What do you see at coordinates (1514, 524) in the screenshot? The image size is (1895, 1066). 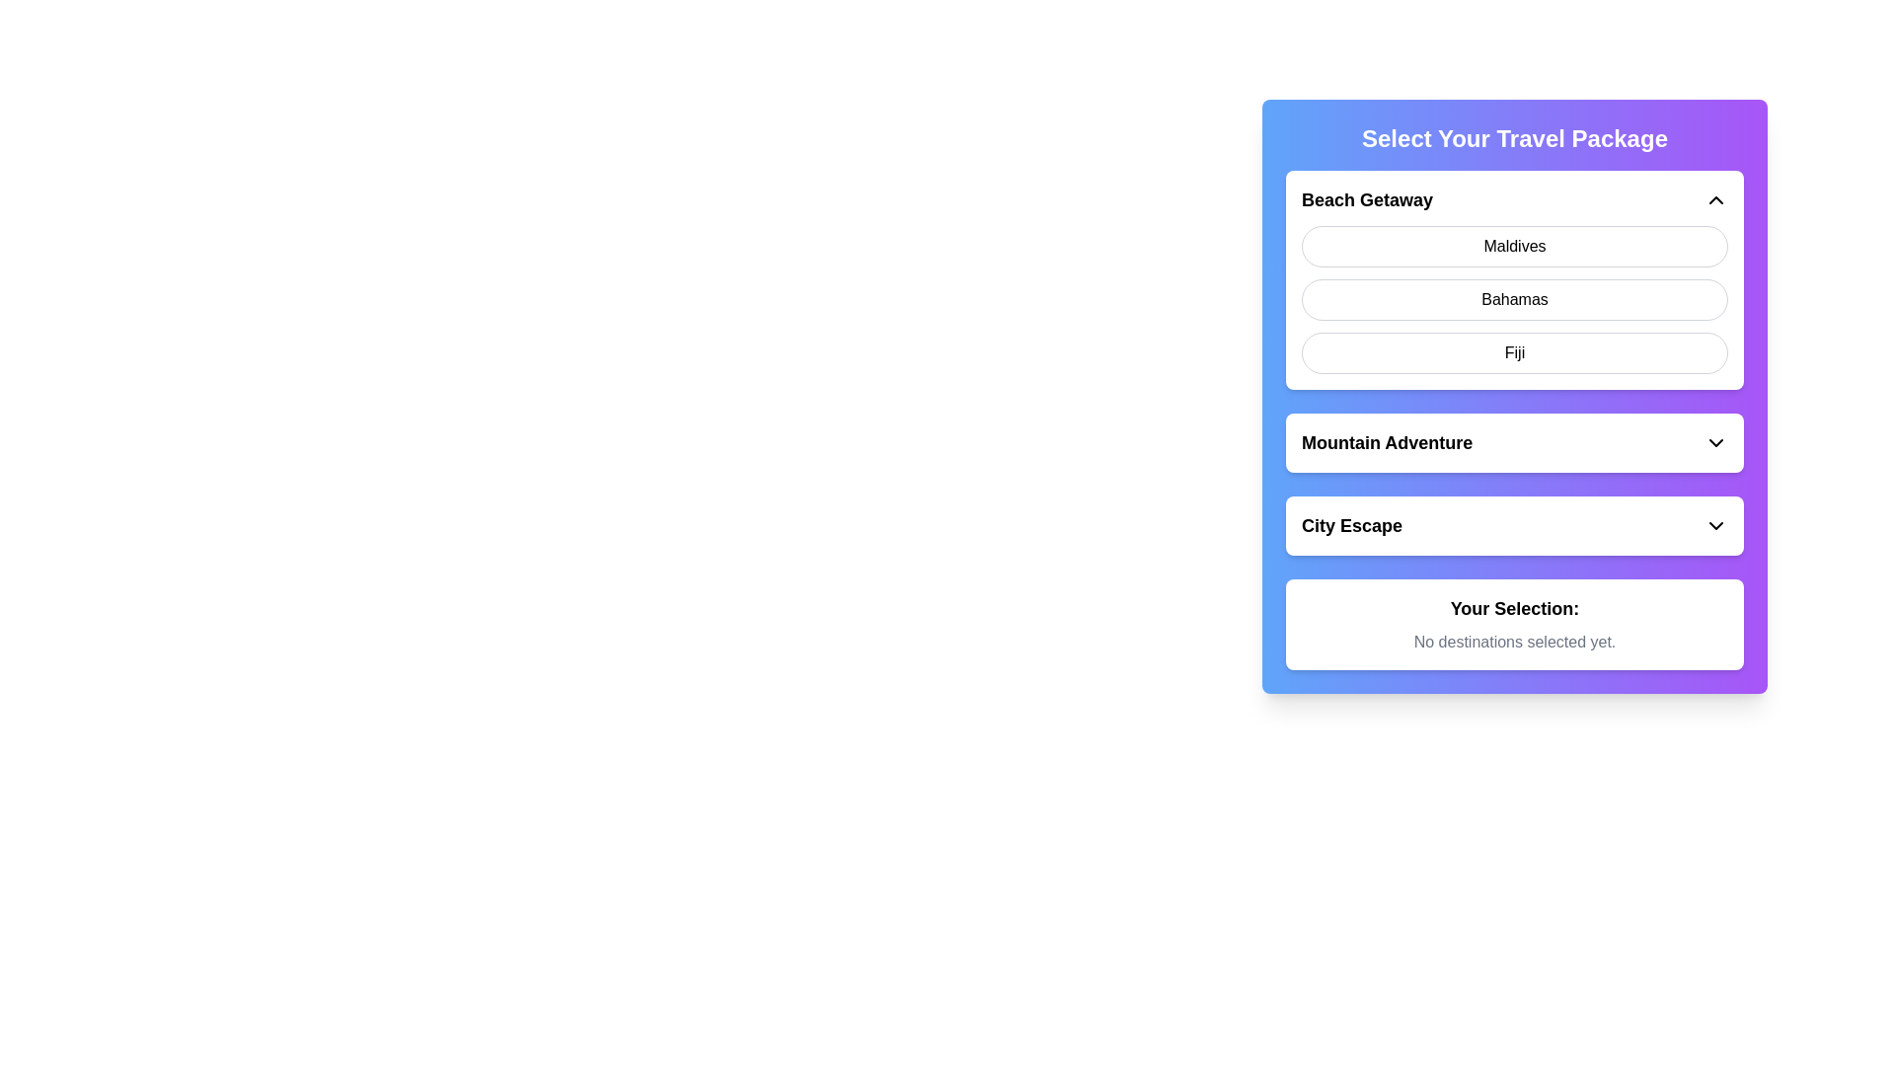 I see `Dropdown menu for selecting a city travel package located in the 'Select Your Travel Package' panel, which is the third section of options` at bounding box center [1514, 524].